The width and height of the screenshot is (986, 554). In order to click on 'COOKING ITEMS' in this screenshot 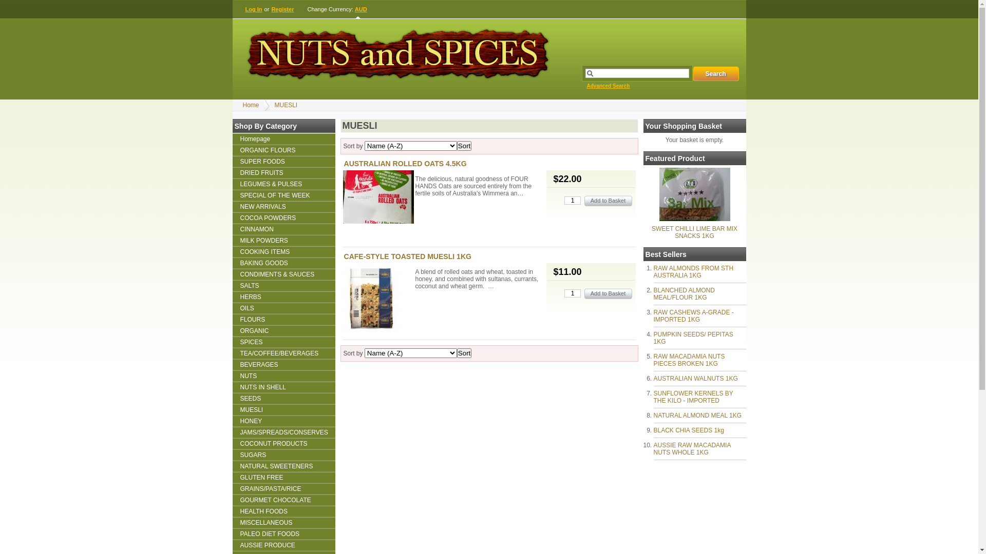, I will do `click(283, 251)`.